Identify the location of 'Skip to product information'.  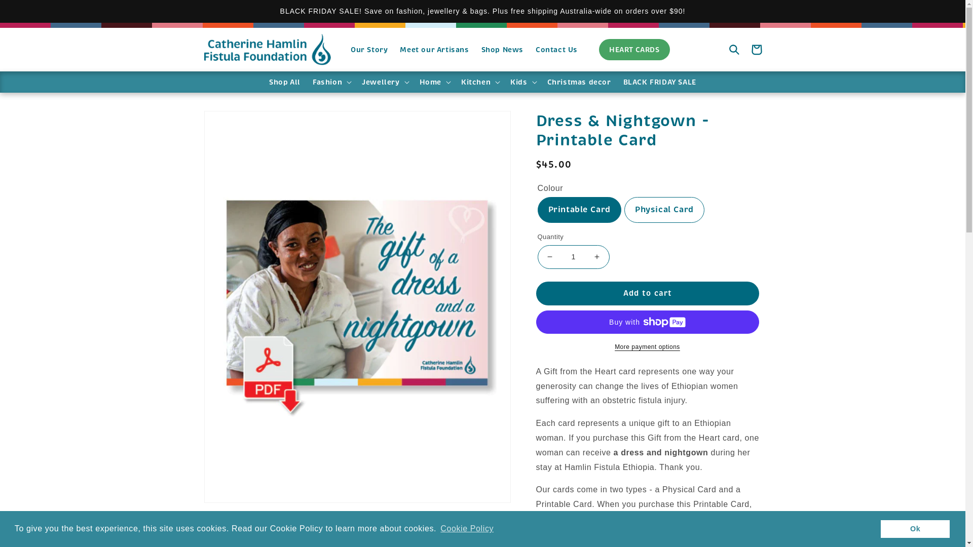
(203, 122).